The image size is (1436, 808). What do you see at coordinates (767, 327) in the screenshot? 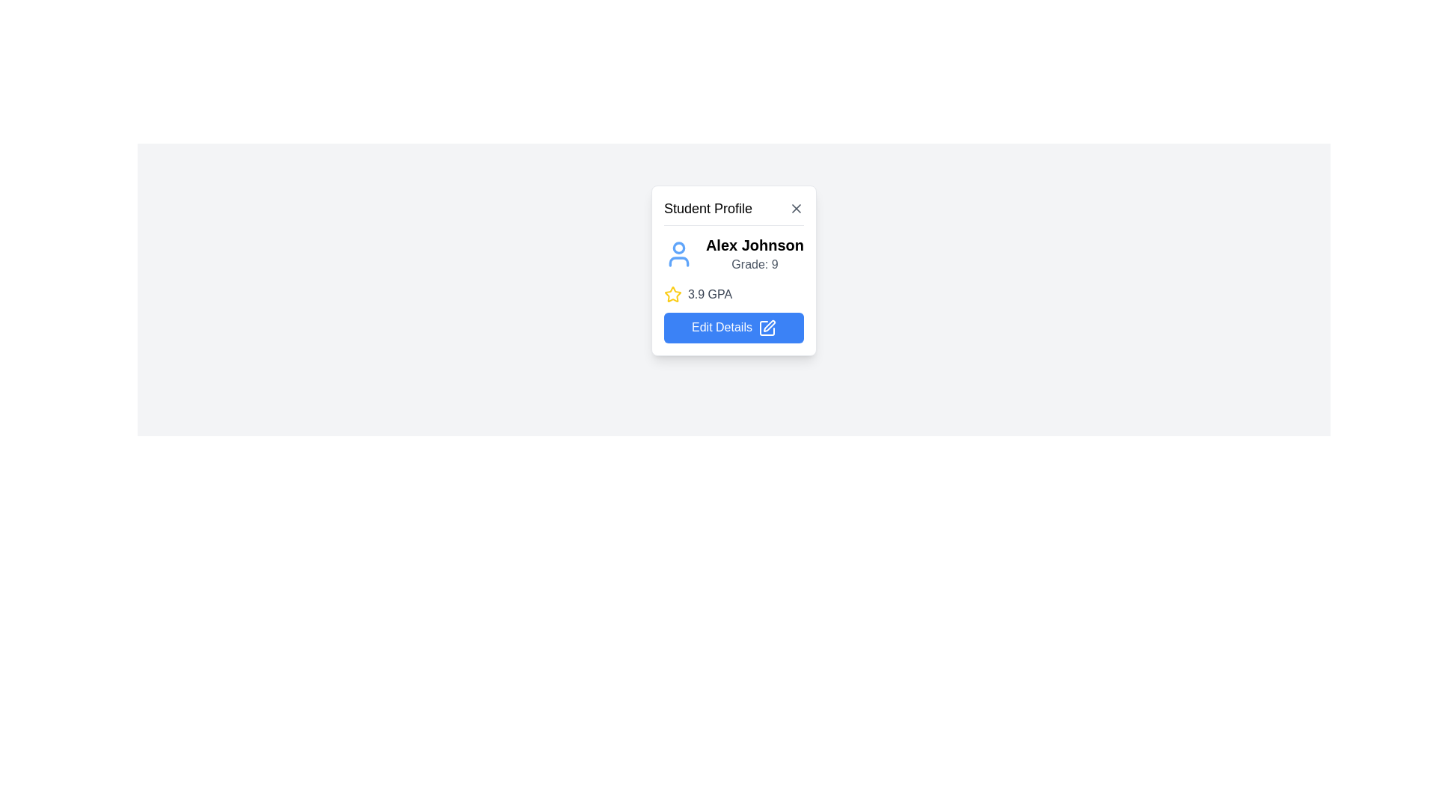
I see `the editing icon within the blue 'Edit Details' button located at the bottom of the card` at bounding box center [767, 327].